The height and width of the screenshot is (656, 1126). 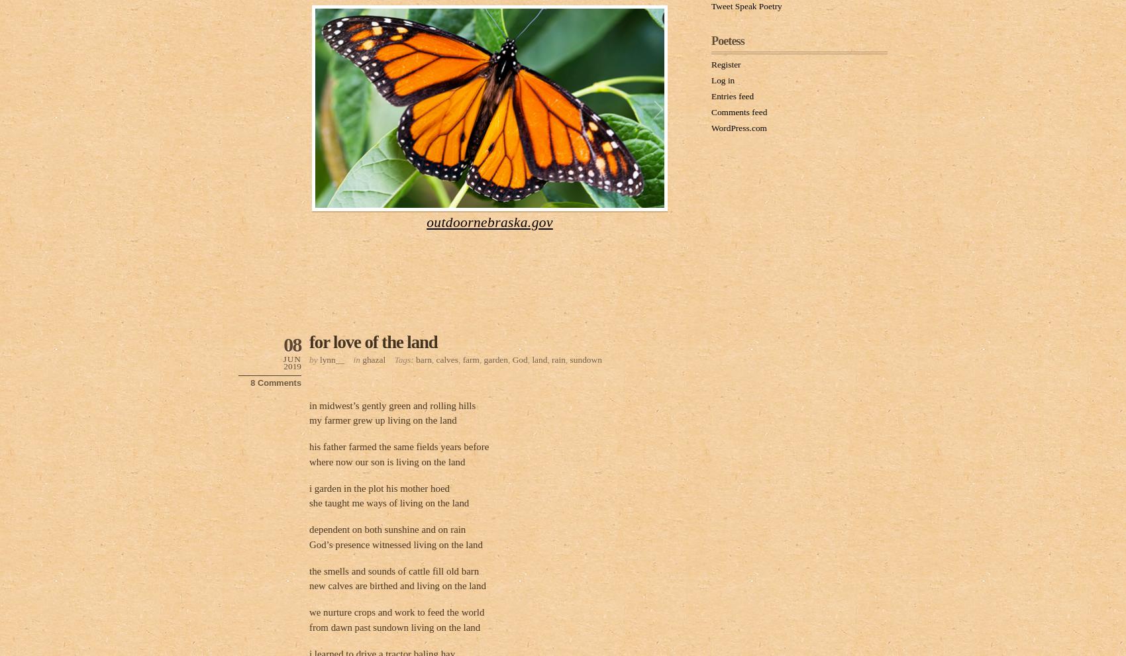 What do you see at coordinates (356, 358) in the screenshot?
I see `'in'` at bounding box center [356, 358].